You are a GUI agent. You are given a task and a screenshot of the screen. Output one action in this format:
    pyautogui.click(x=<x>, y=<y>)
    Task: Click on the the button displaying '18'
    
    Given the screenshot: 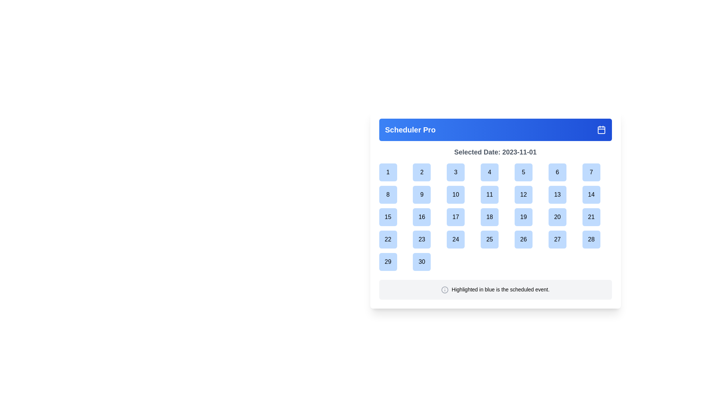 What is the action you would take?
    pyautogui.click(x=490, y=217)
    